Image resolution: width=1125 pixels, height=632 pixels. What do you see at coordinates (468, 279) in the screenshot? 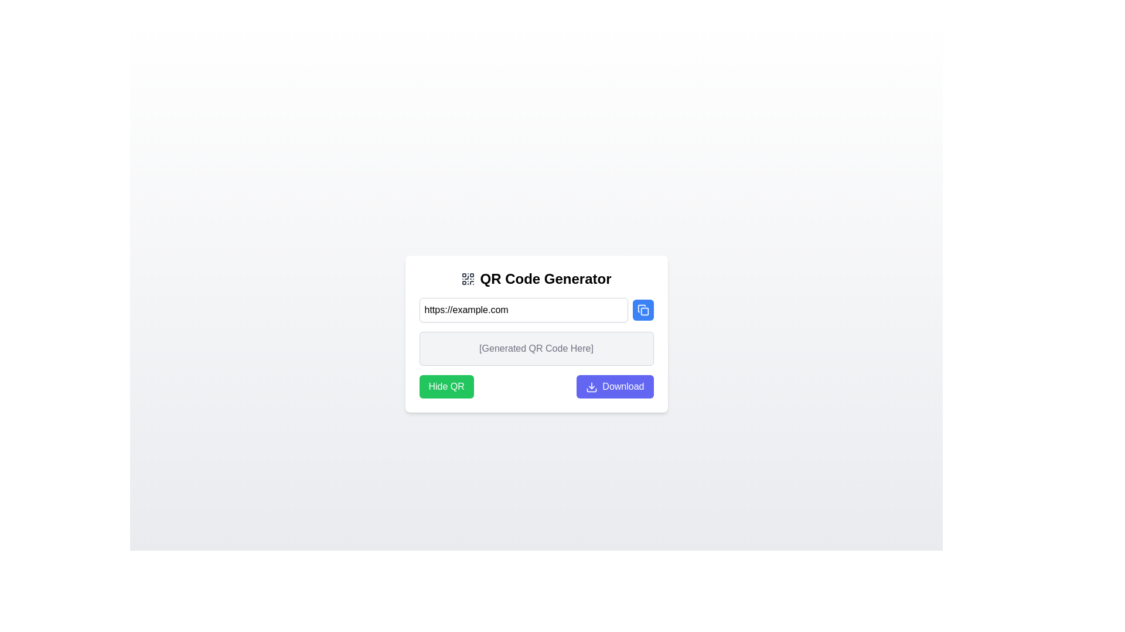
I see `the QR code icon, which is gray and located to the left of the 'QR Code Generator' header` at bounding box center [468, 279].